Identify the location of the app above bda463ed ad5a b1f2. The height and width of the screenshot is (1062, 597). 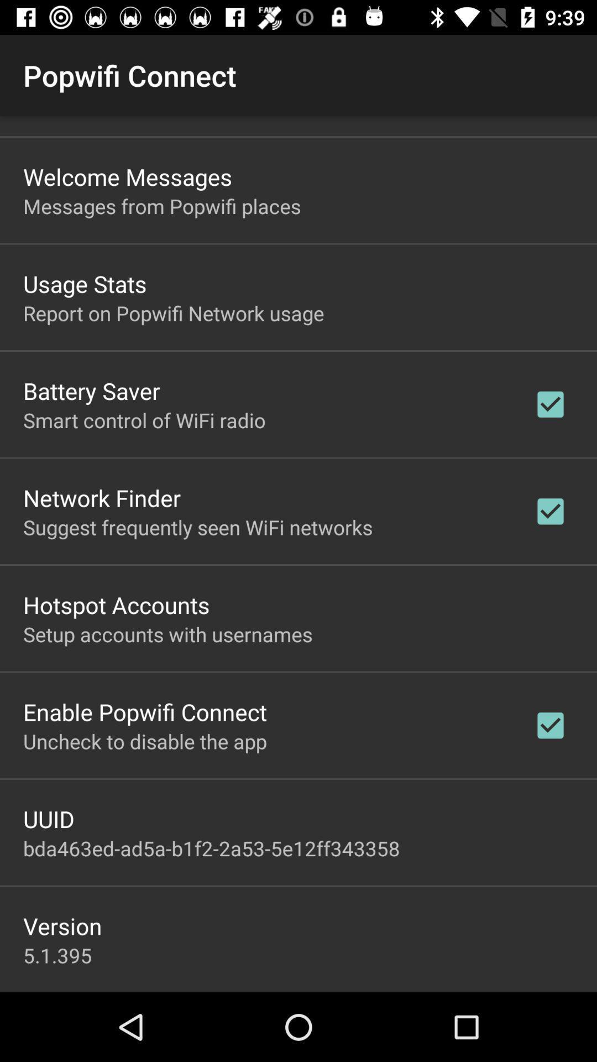
(48, 819).